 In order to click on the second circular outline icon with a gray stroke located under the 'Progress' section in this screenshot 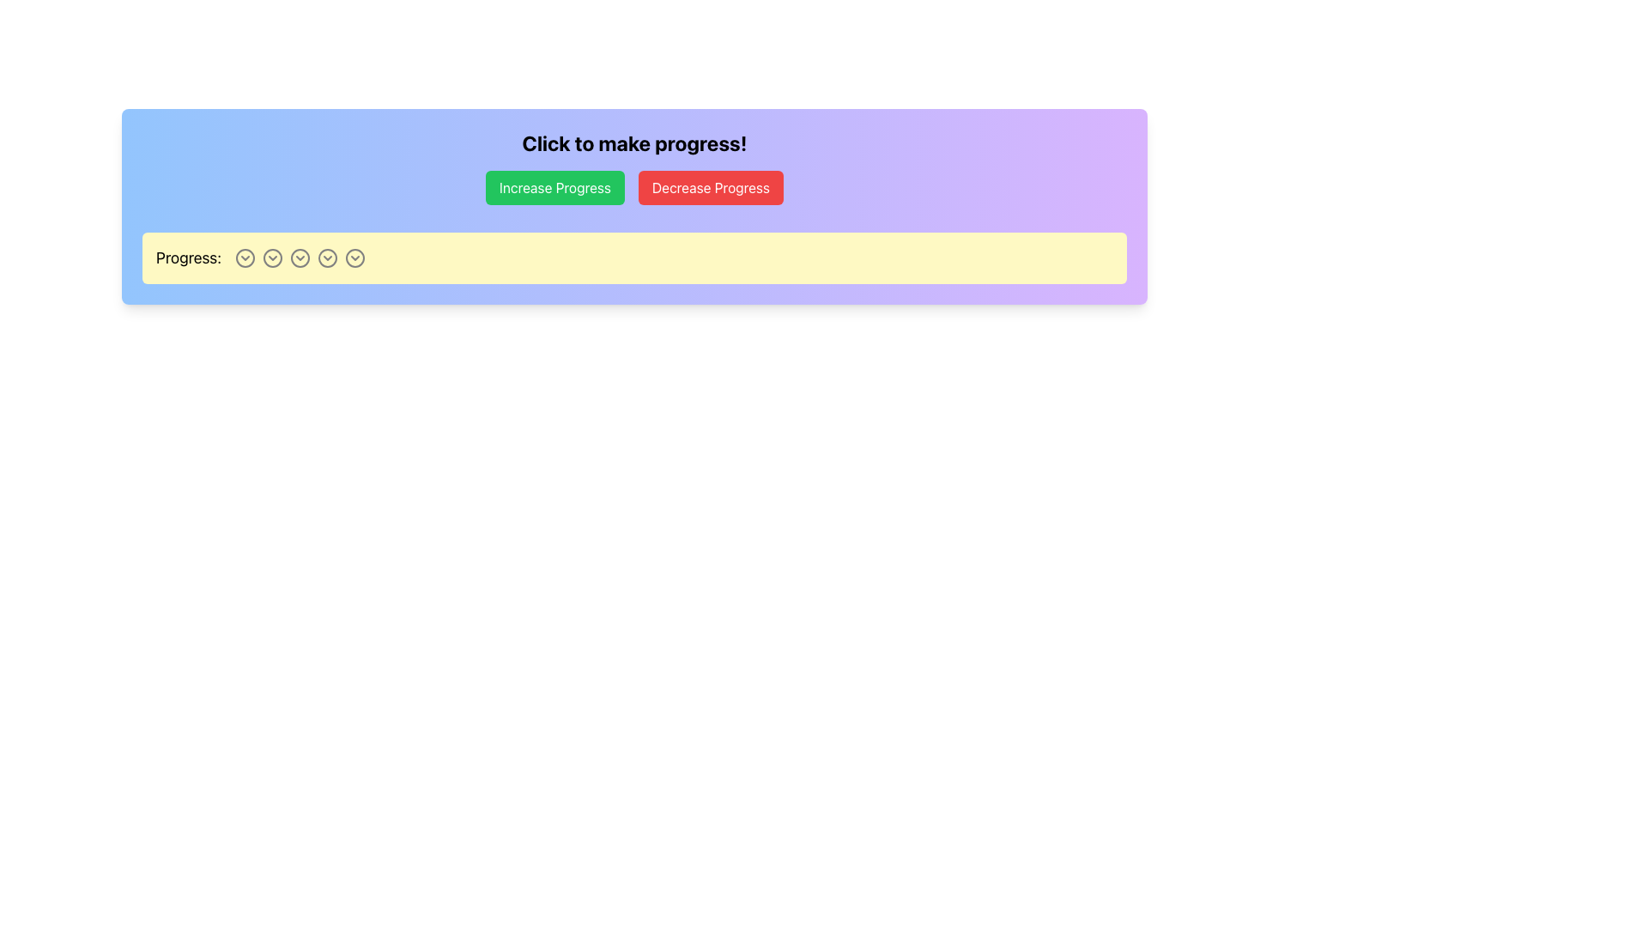, I will do `click(272, 257)`.